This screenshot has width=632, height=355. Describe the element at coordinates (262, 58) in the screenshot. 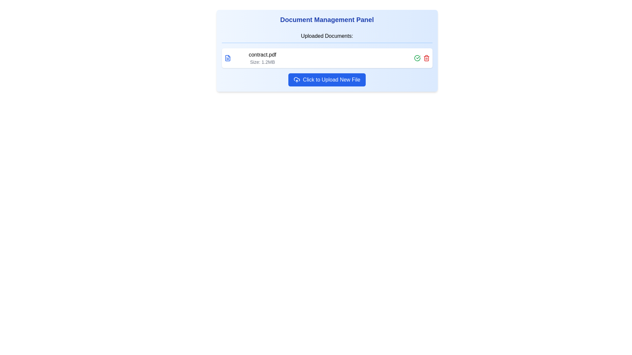

I see `text label displaying 'contract.pdf' and 'Size: 1.2MB' in the Document Management Panel under the Uploaded Documents section to understand the file details` at that location.